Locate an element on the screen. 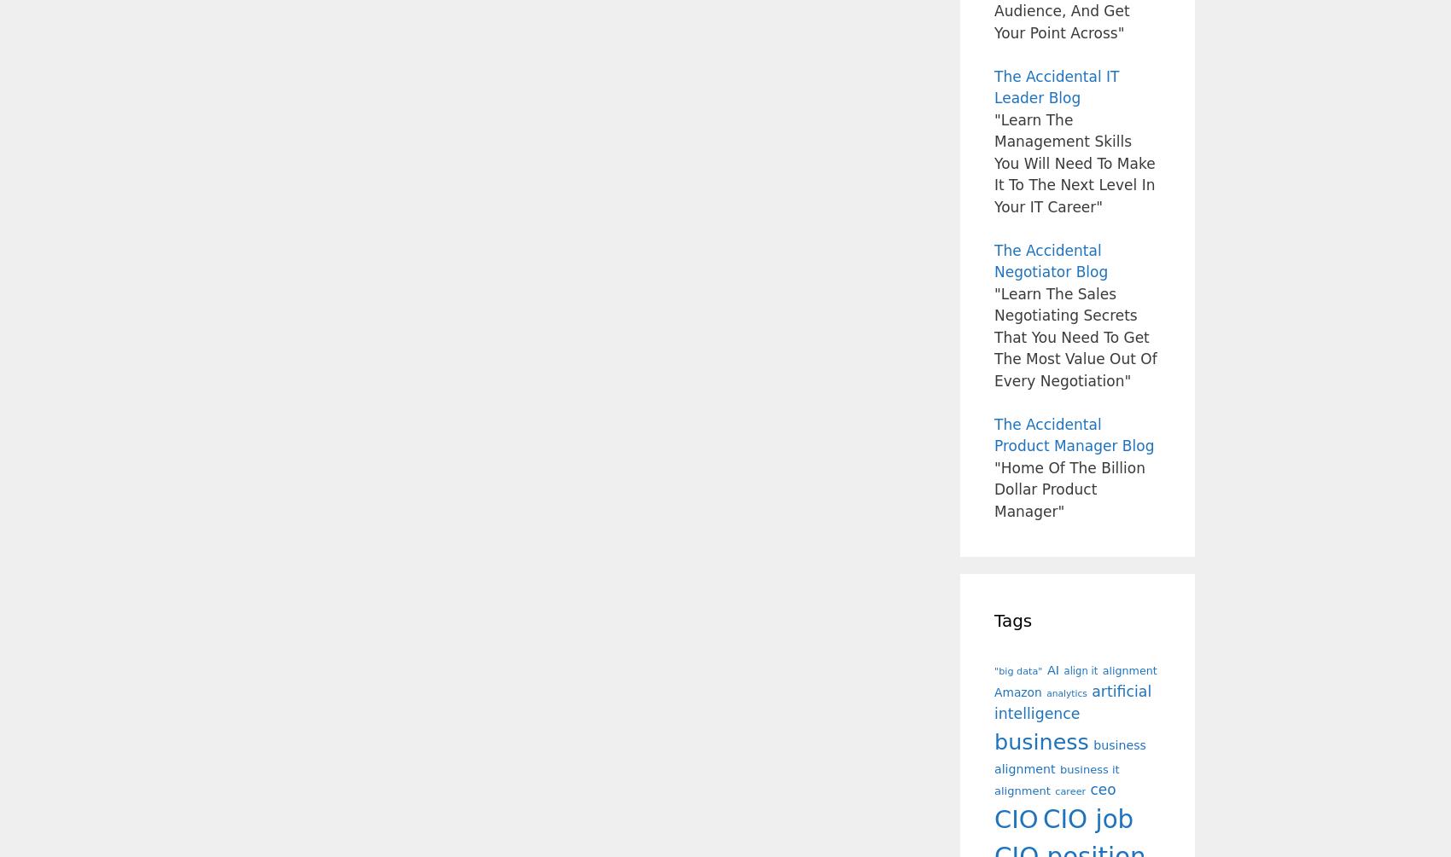 The height and width of the screenshot is (857, 1451). 'The Accidental Negotiator Blog' is located at coordinates (994, 260).